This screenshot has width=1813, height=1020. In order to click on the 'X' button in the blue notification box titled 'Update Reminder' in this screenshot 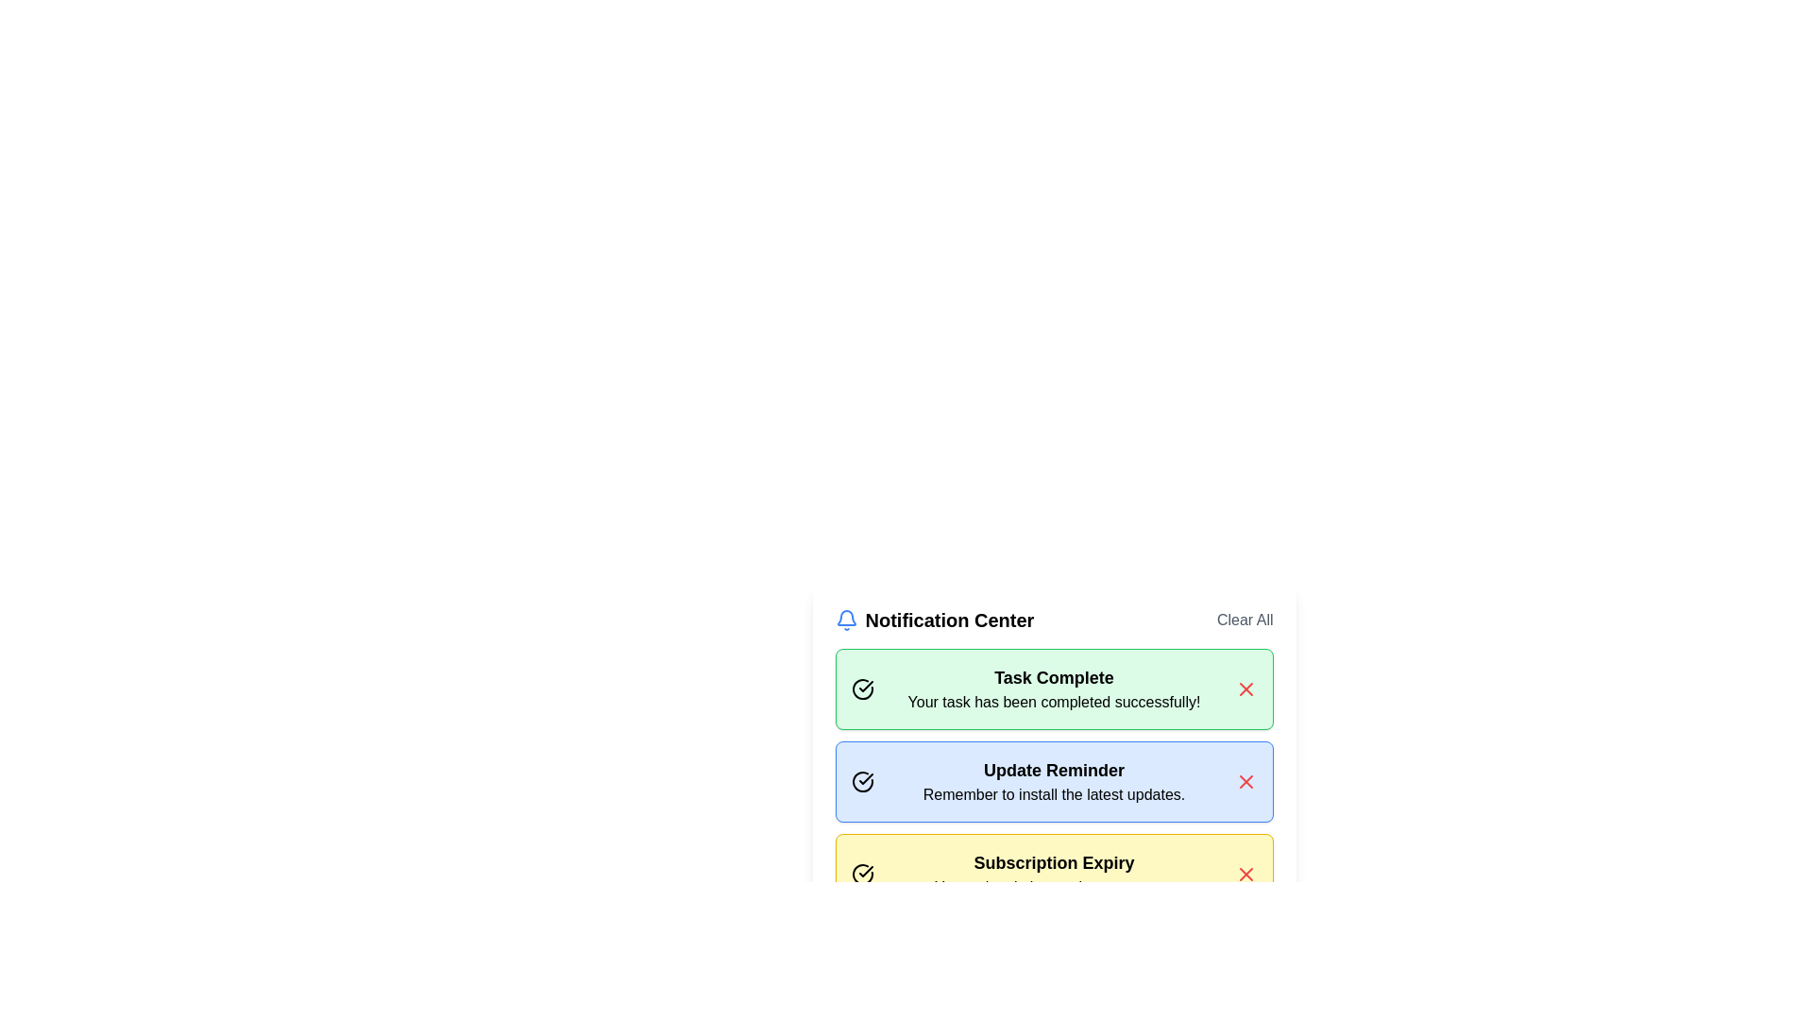, I will do `click(1245, 782)`.